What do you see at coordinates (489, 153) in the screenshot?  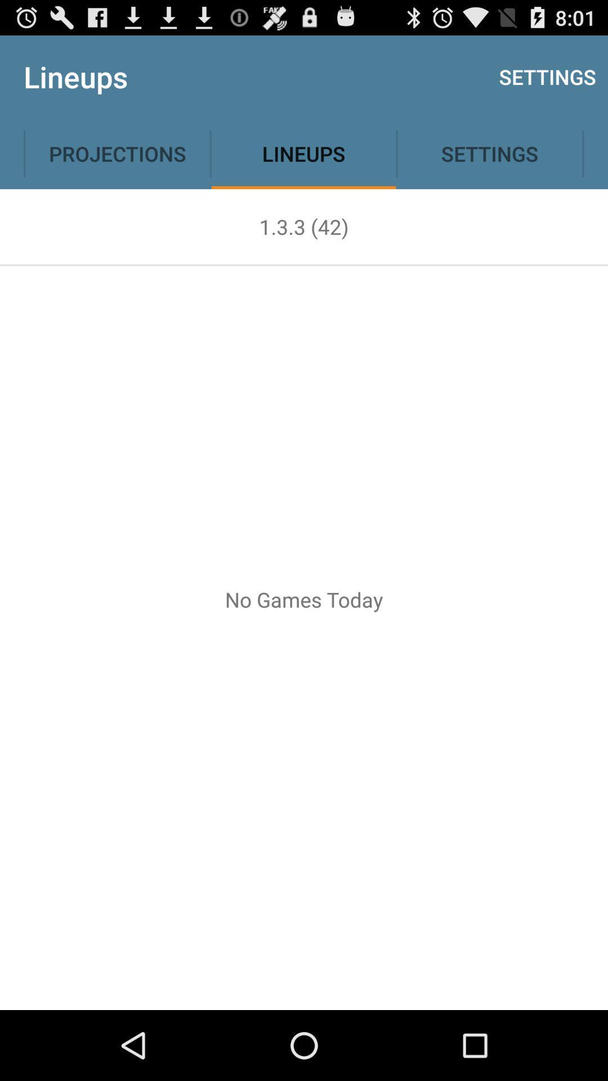 I see `settings option` at bounding box center [489, 153].